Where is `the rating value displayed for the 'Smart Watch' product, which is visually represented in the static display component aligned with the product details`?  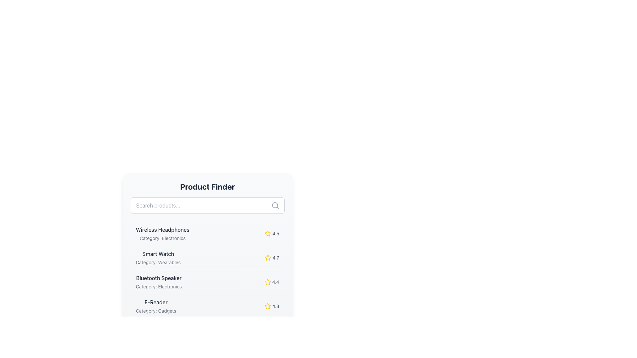 the rating value displayed for the 'Smart Watch' product, which is visually represented in the static display component aligned with the product details is located at coordinates (272, 258).